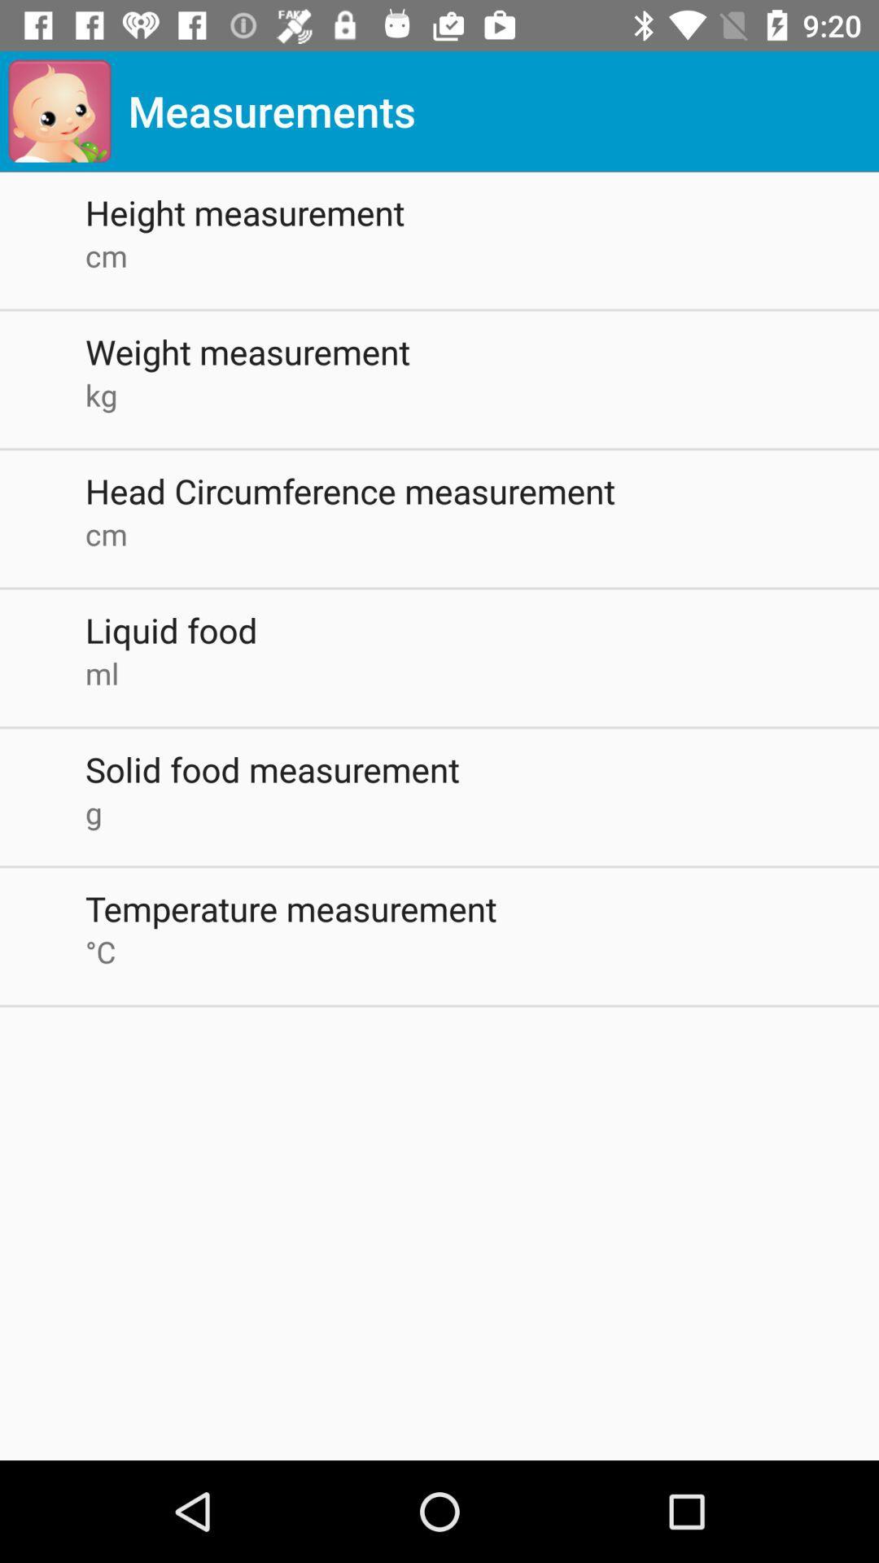 The height and width of the screenshot is (1563, 879). Describe the element at coordinates (59, 110) in the screenshot. I see `app above the height measurement` at that location.